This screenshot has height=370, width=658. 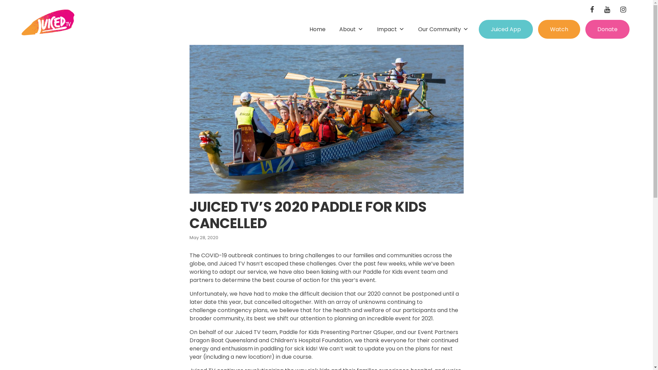 I want to click on 'Donate', so click(x=607, y=29).